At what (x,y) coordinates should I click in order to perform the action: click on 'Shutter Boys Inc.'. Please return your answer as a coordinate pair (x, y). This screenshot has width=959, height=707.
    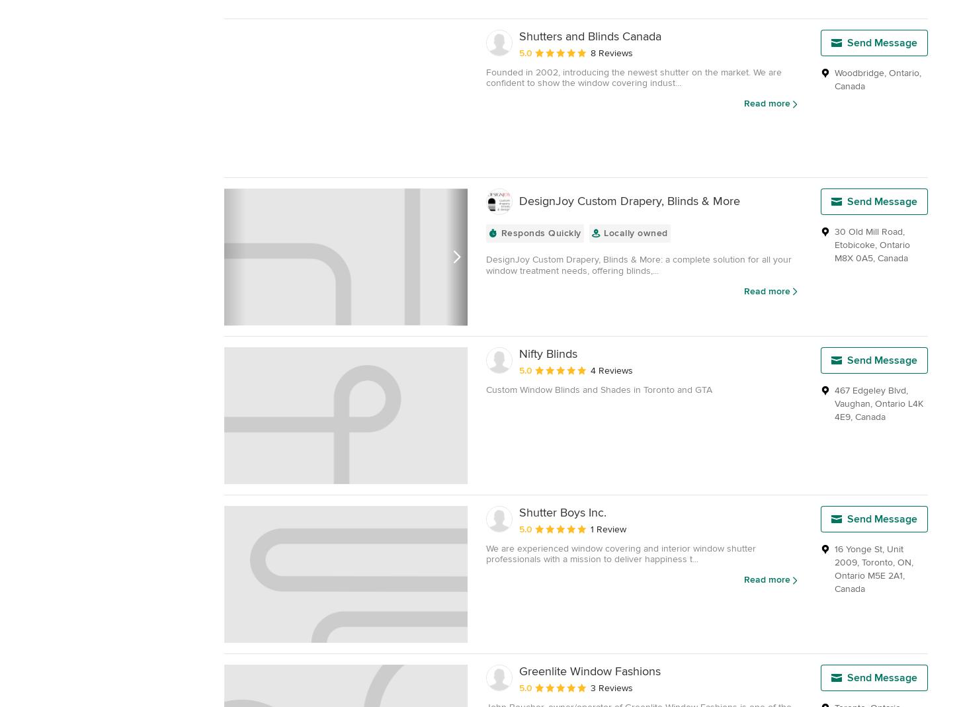
    Looking at the image, I should click on (562, 513).